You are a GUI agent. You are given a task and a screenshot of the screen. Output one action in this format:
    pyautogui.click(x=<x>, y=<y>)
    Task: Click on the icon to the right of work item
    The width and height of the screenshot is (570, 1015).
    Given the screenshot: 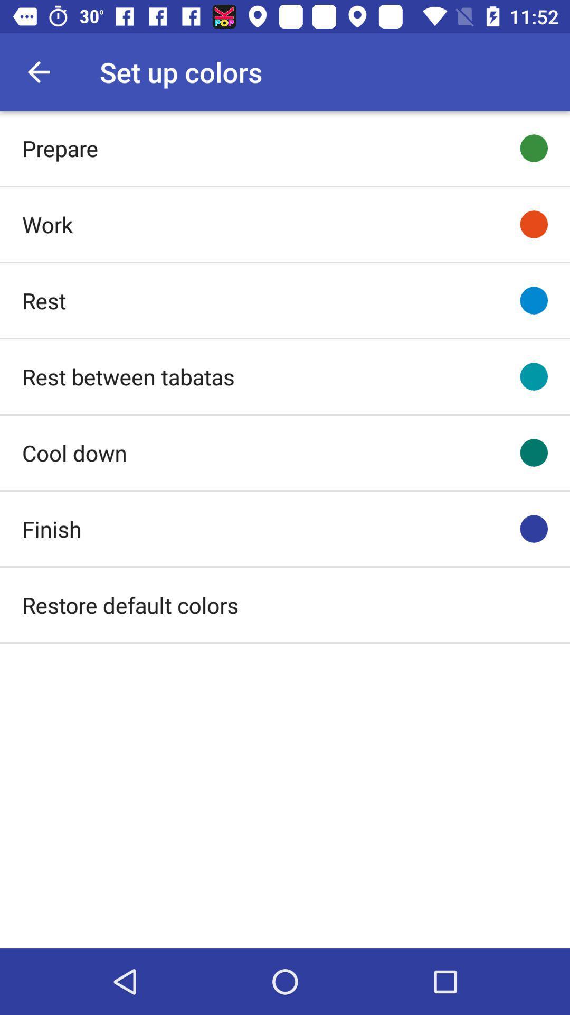 What is the action you would take?
    pyautogui.click(x=534, y=224)
    